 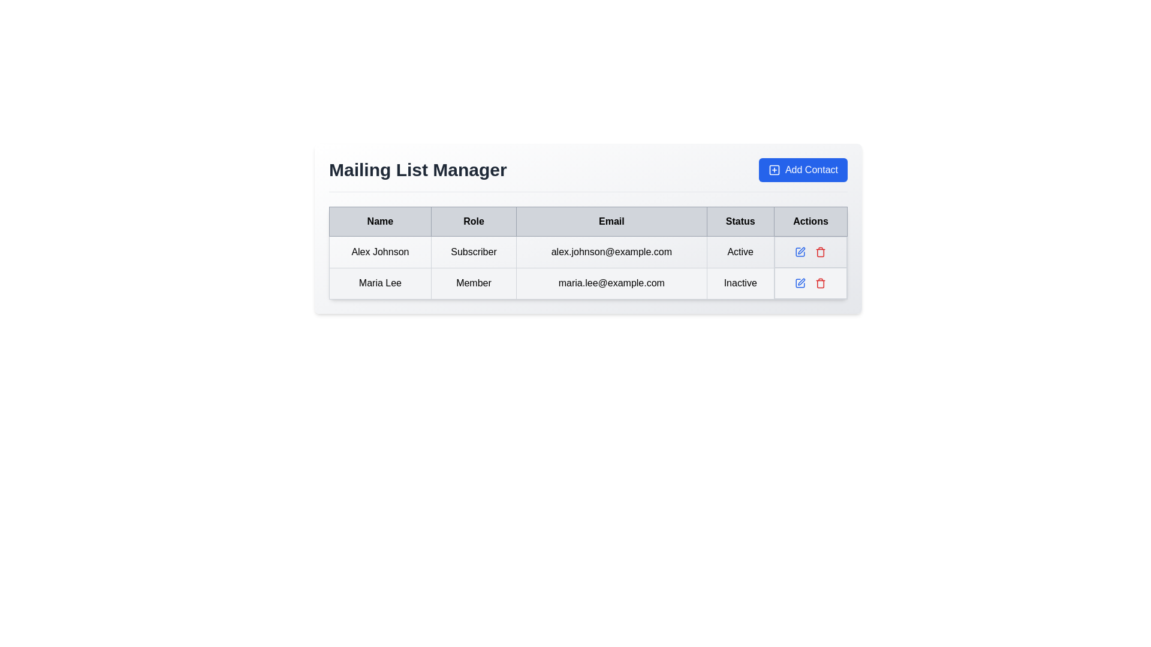 What do you see at coordinates (740, 283) in the screenshot?
I see `static text field displaying the status 'Inactive' for the user 'Maria Lee', located in the fourth column of the data table under the 'Mailing List Manager' header` at bounding box center [740, 283].